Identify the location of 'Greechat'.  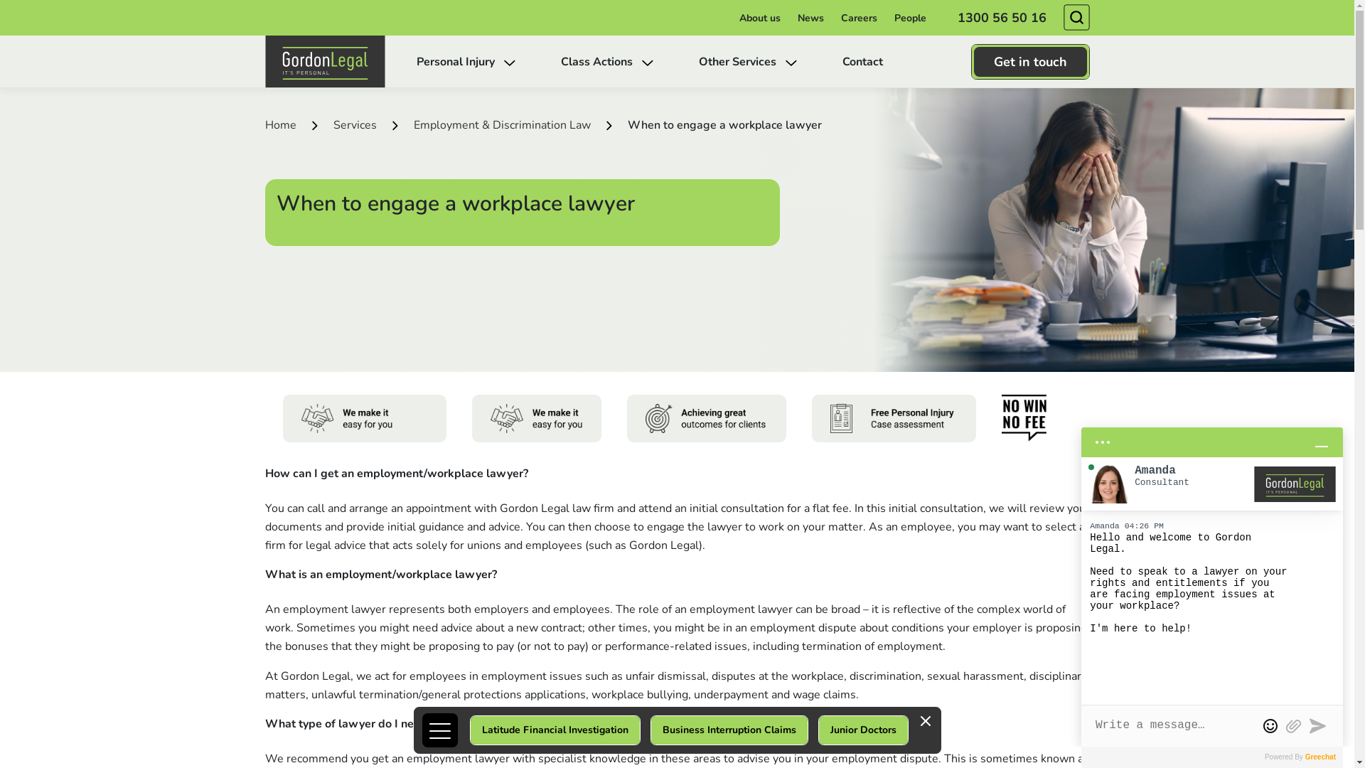
(1305, 756).